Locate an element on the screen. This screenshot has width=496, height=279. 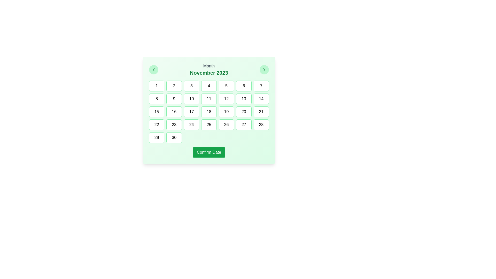
the selectable calendar date button labeled '30' in the date picker interface to change its background color is located at coordinates (174, 137).